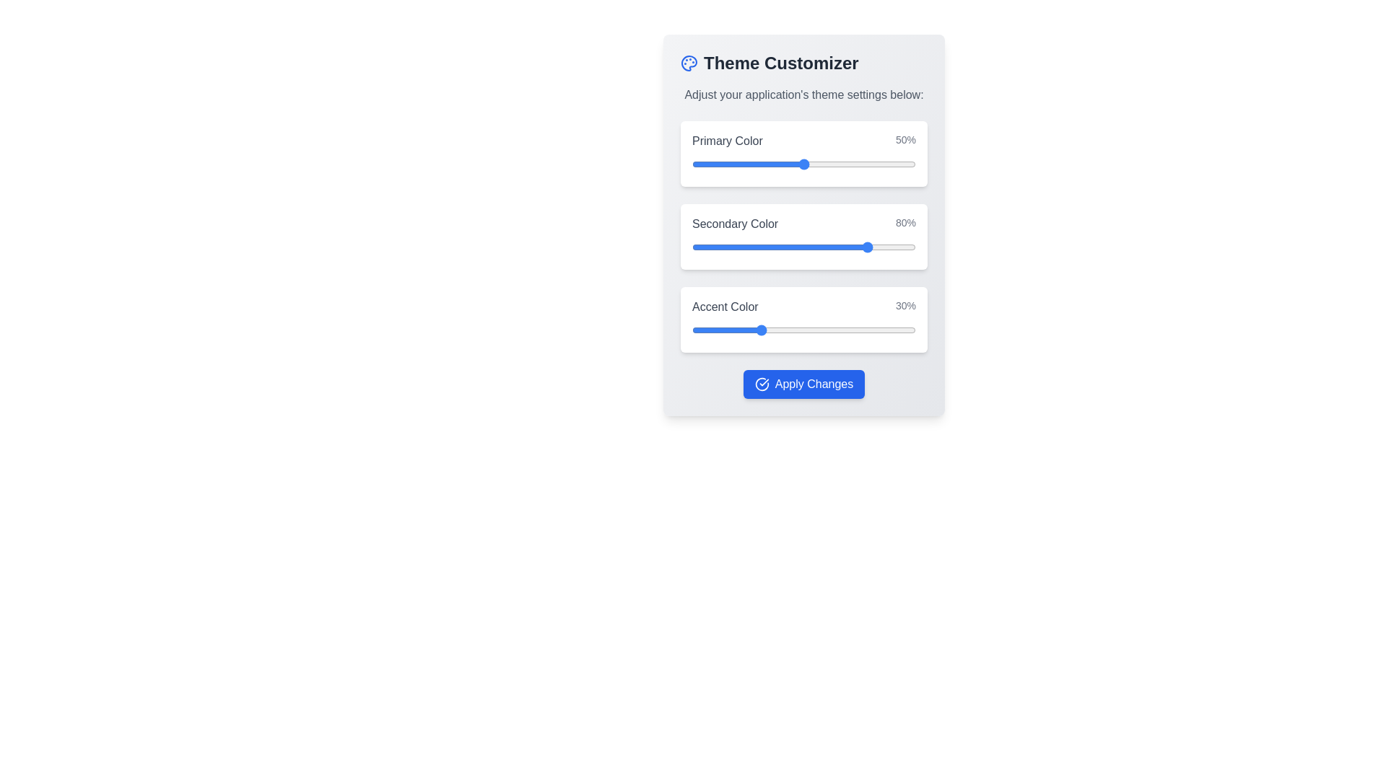 Image resolution: width=1386 pixels, height=779 pixels. Describe the element at coordinates (803, 63) in the screenshot. I see `the Header labeled 'Theme Customizer' with a colorful palette icon located at the top of the theme customization settings section` at that location.